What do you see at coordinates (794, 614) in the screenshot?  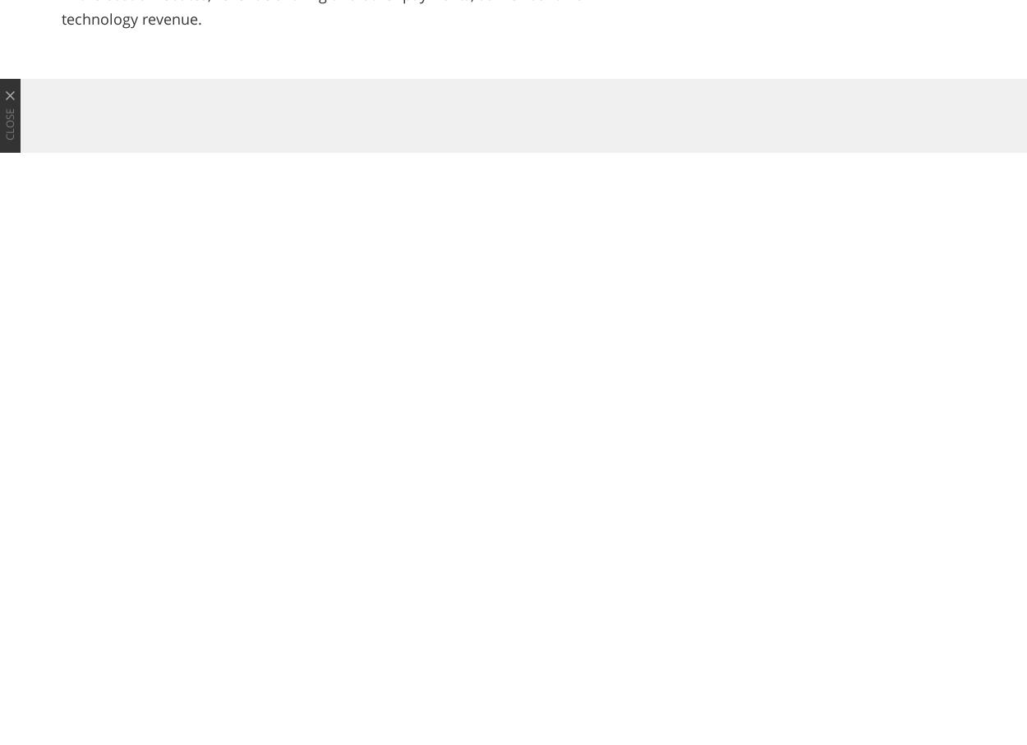 I see `'Buying Groups'` at bounding box center [794, 614].